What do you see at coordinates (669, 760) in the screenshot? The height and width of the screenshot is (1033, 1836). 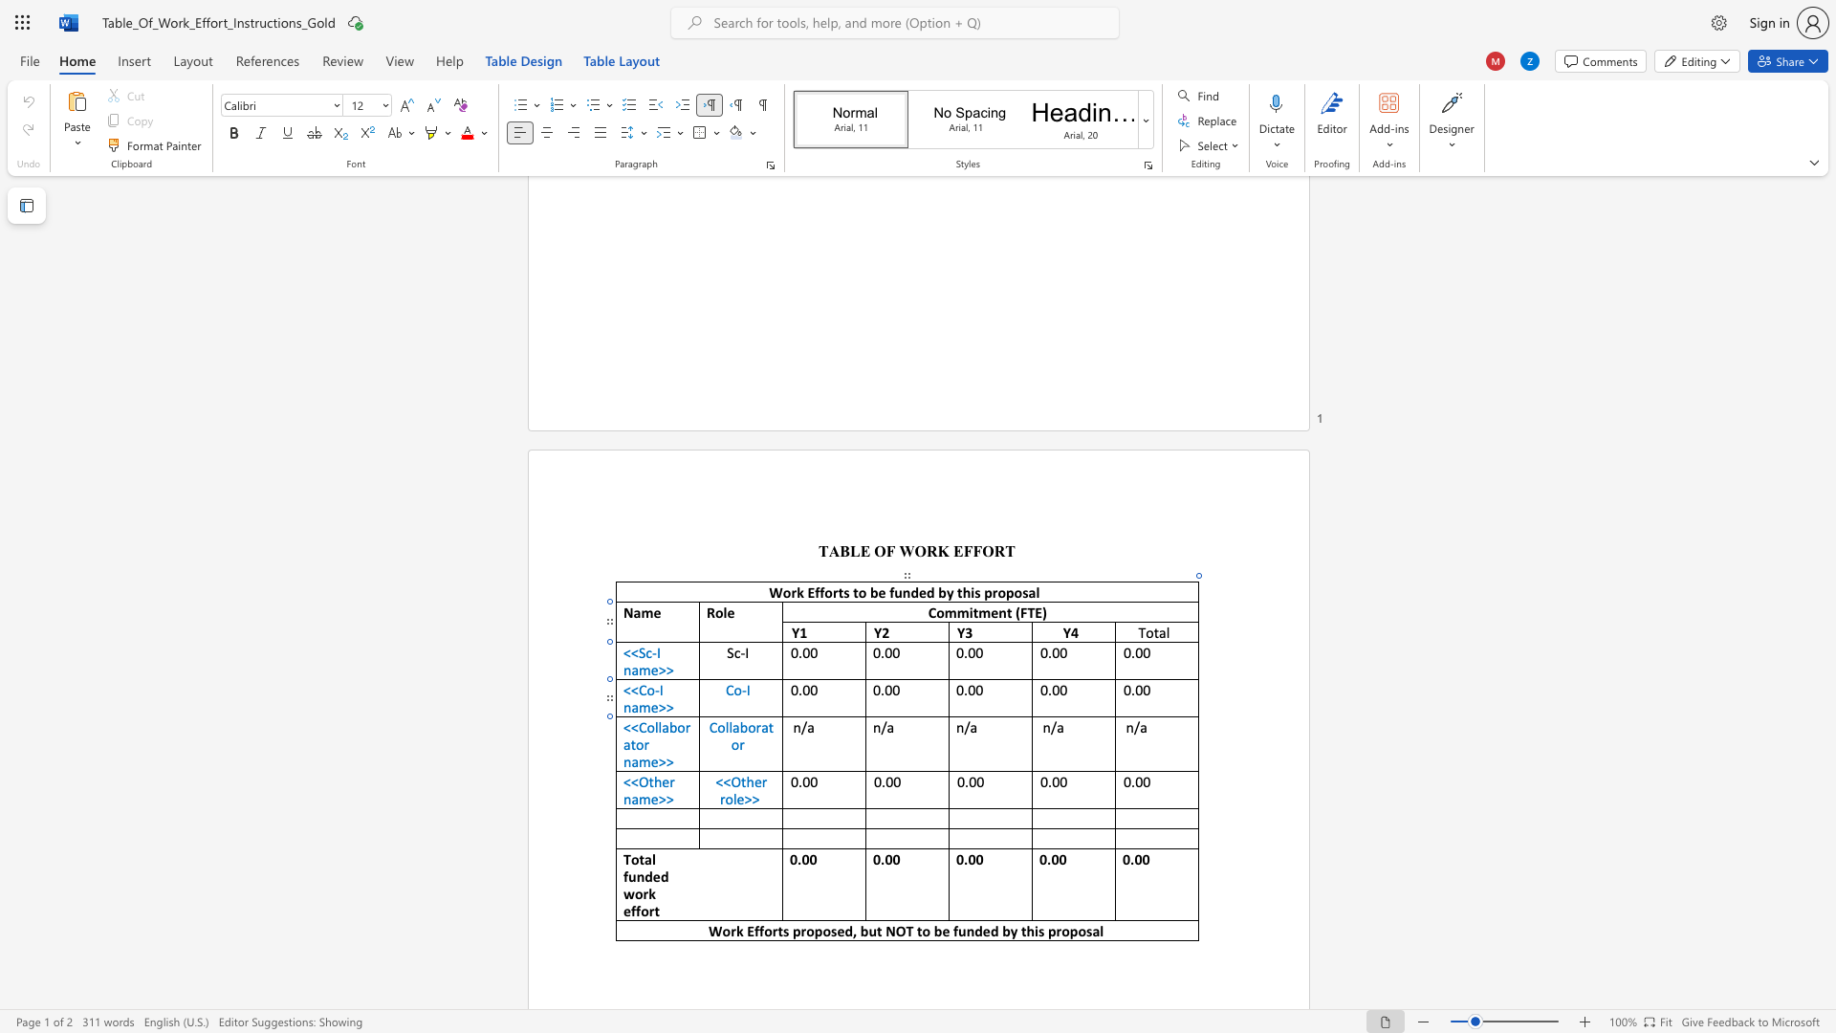 I see `the 2th character ">" in the text` at bounding box center [669, 760].